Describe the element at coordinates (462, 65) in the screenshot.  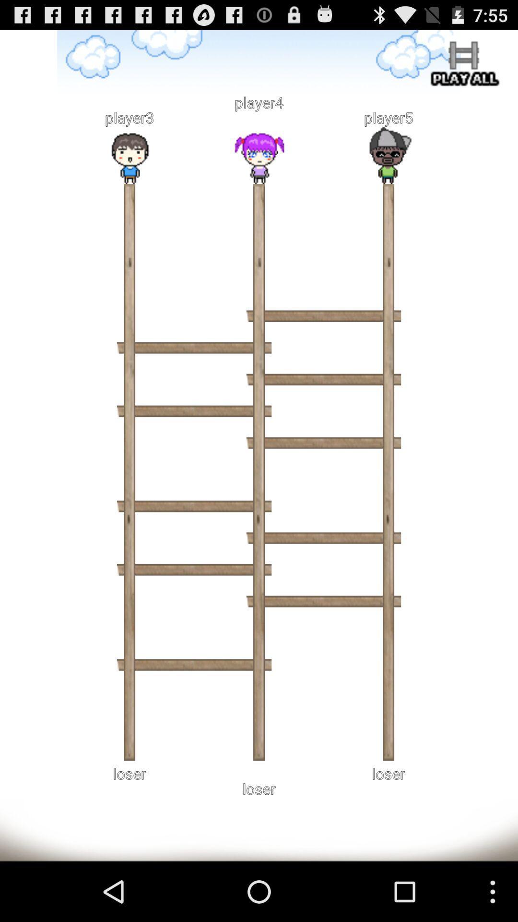
I see `play all` at that location.